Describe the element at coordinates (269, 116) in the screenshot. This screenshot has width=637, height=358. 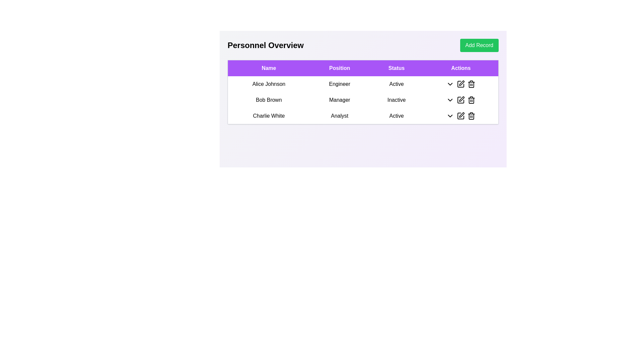
I see `the text display that shows the name 'Charlie White' in the first cell of the third row under the 'Name' header in the data table` at that location.